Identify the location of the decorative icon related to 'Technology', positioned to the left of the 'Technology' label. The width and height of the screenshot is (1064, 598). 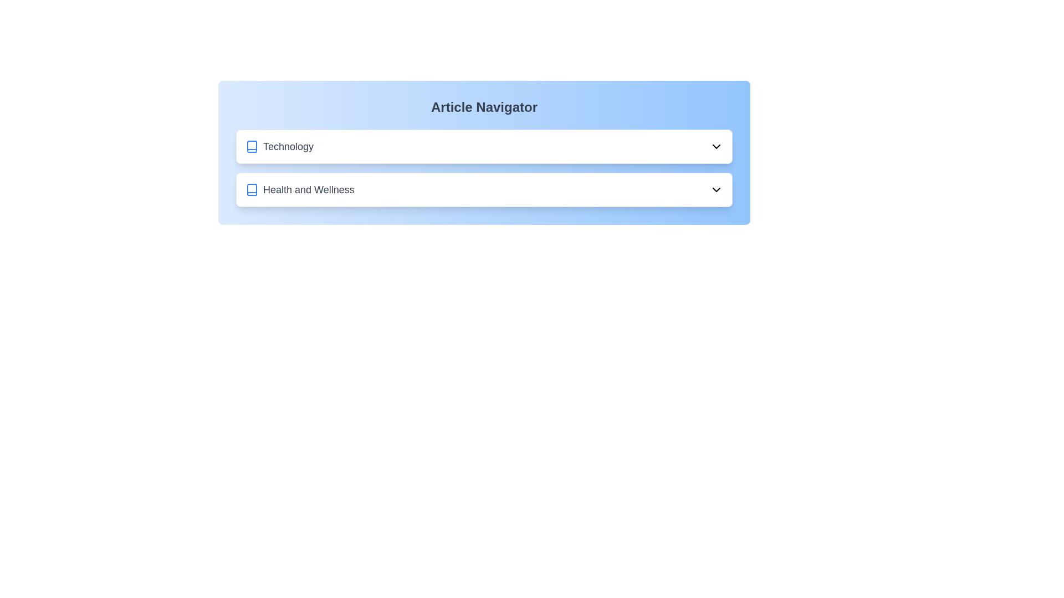
(252, 146).